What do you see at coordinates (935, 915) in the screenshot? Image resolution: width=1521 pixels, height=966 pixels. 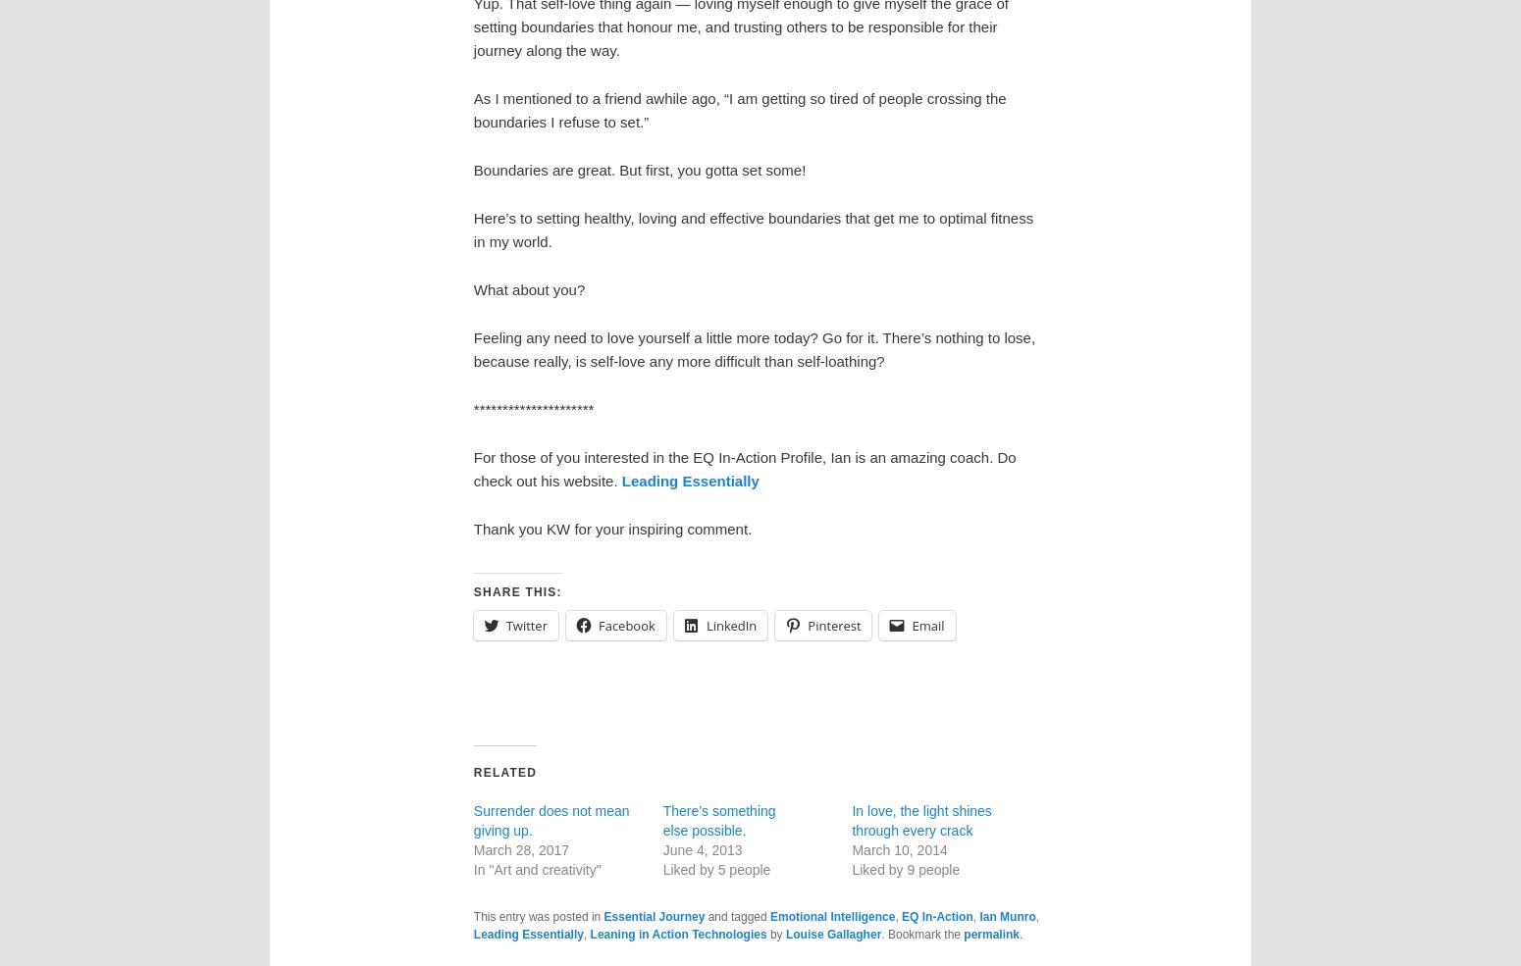 I see `'EQ In-Action'` at bounding box center [935, 915].